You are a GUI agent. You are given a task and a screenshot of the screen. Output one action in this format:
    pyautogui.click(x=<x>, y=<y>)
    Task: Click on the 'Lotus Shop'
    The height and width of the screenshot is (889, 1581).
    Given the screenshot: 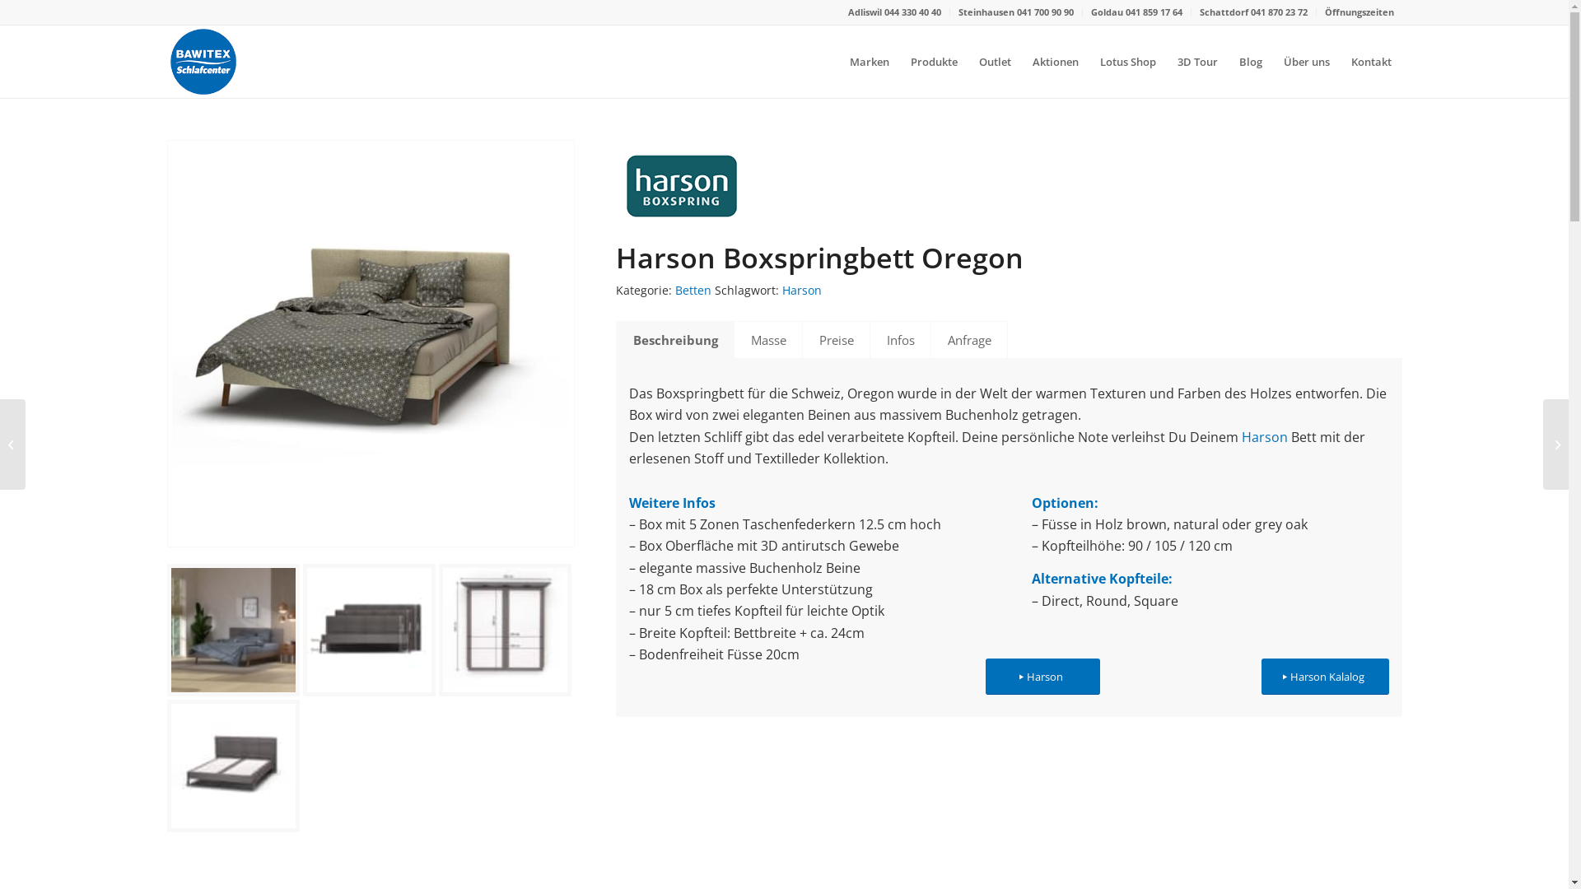 What is the action you would take?
    pyautogui.click(x=1088, y=60)
    